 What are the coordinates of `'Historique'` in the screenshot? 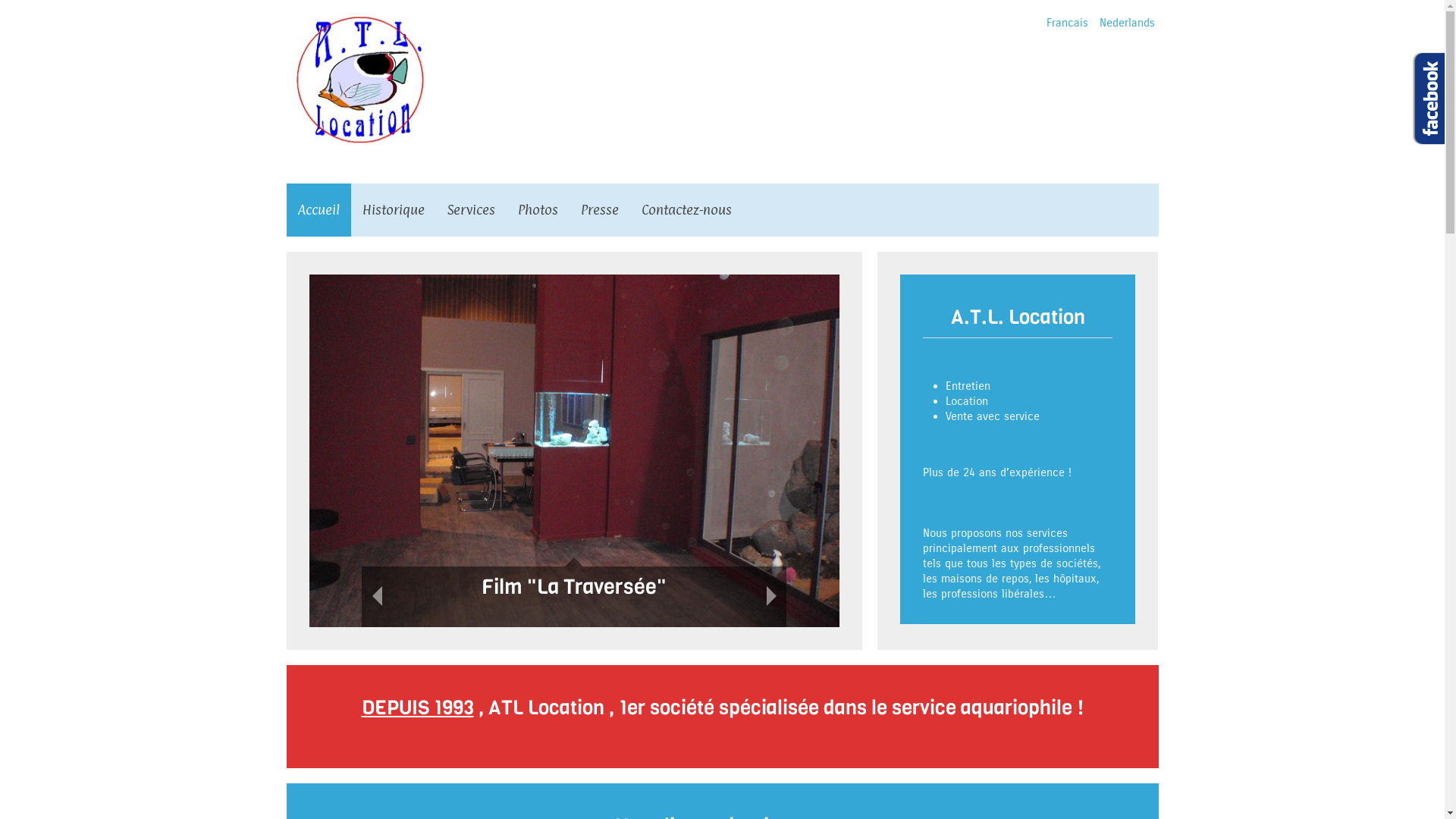 It's located at (393, 210).